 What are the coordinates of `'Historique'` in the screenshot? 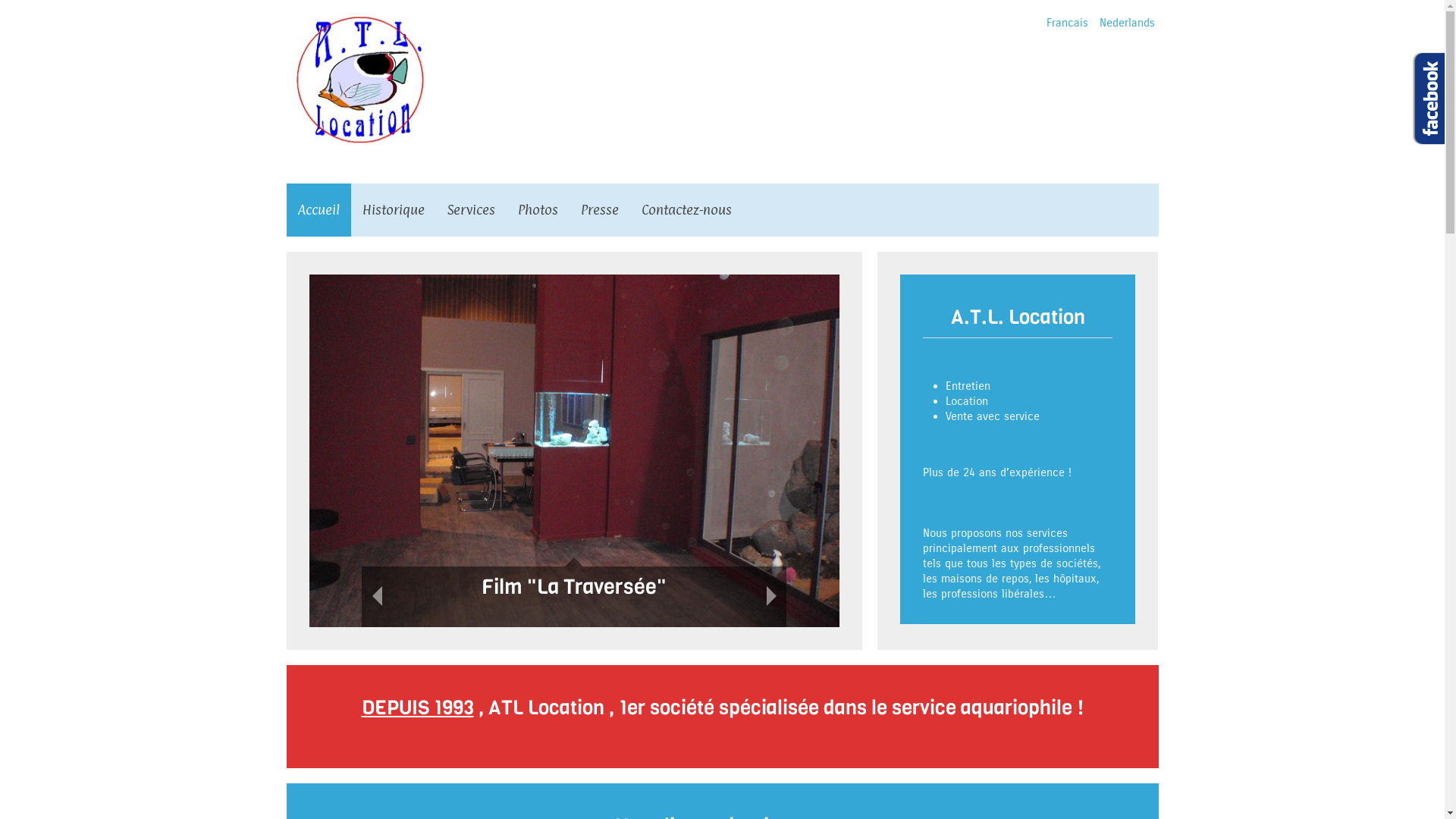 It's located at (393, 210).